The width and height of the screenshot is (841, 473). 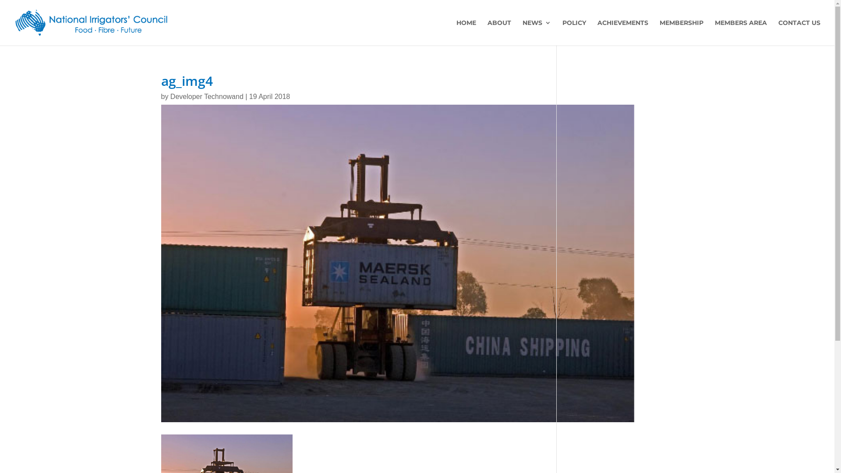 I want to click on 'ABOUT', so click(x=499, y=32).